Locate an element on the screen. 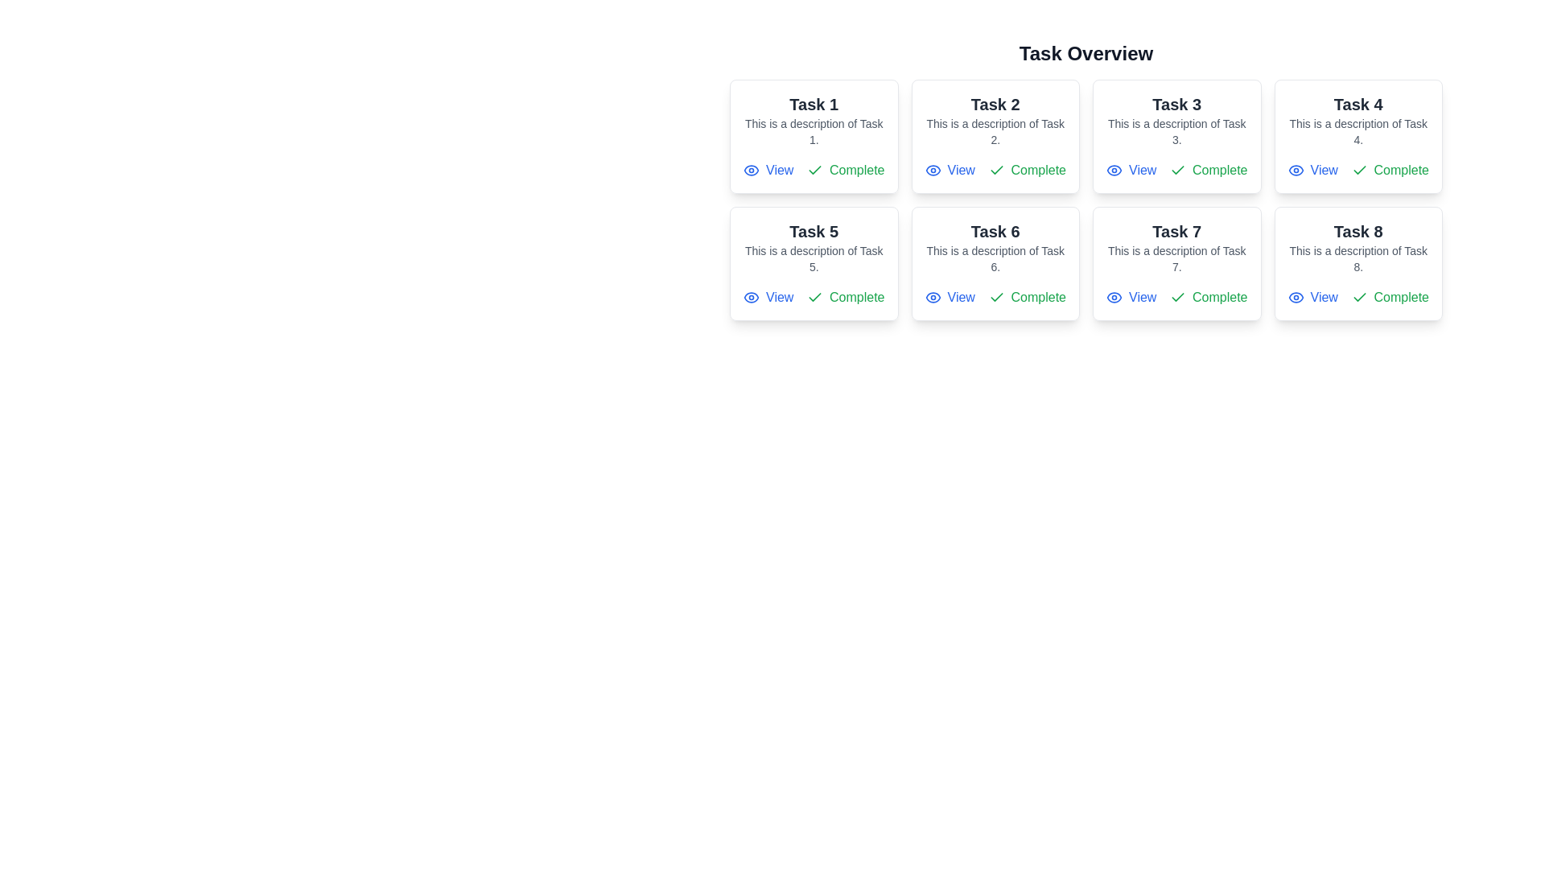 The image size is (1545, 869). the green checkmark icon located in the 'Complete' section of the second task card, which indicates task completion is located at coordinates (995, 170).